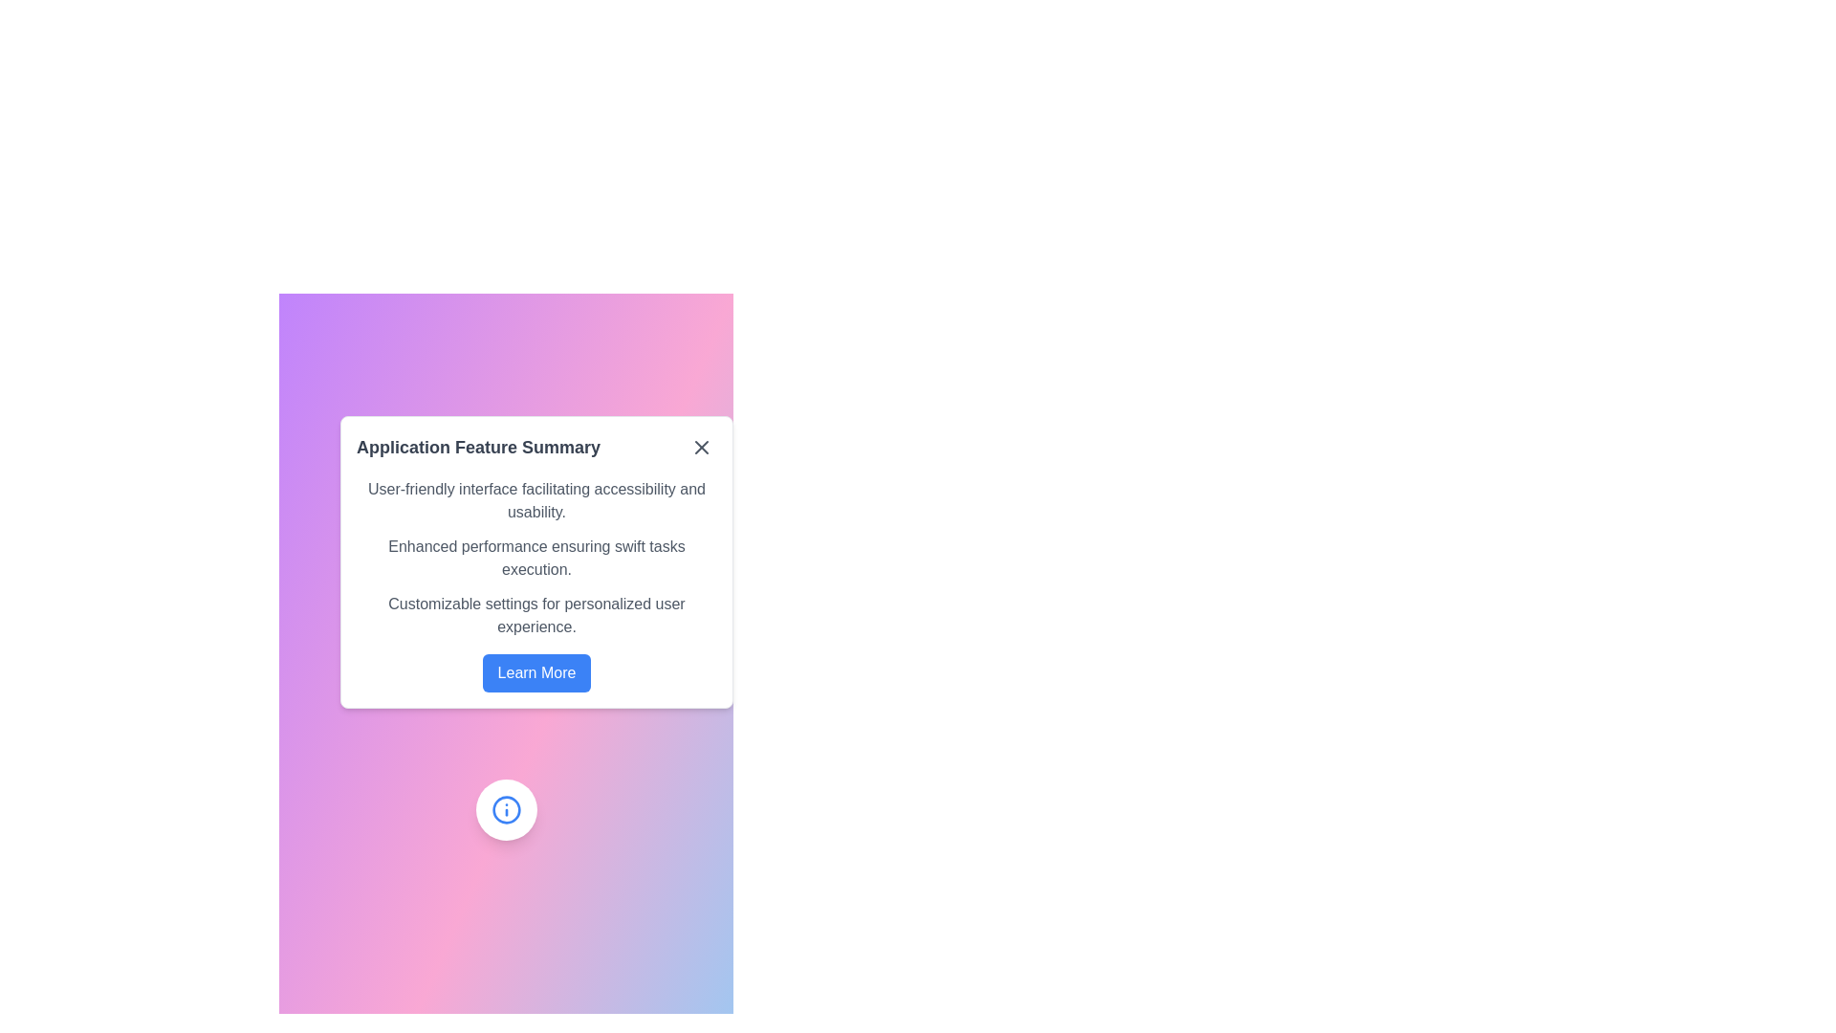  I want to click on the close button on the top right corner of the 'Application Feature Summary' section, so click(701, 447).